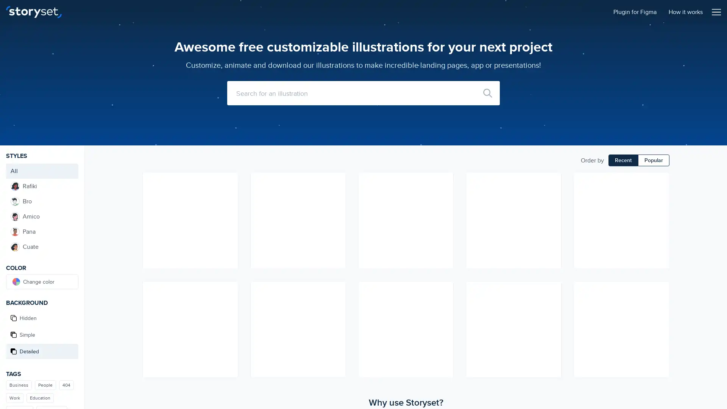 The height and width of the screenshot is (409, 727). What do you see at coordinates (444, 317) in the screenshot?
I see `Pinterest icon Save` at bounding box center [444, 317].